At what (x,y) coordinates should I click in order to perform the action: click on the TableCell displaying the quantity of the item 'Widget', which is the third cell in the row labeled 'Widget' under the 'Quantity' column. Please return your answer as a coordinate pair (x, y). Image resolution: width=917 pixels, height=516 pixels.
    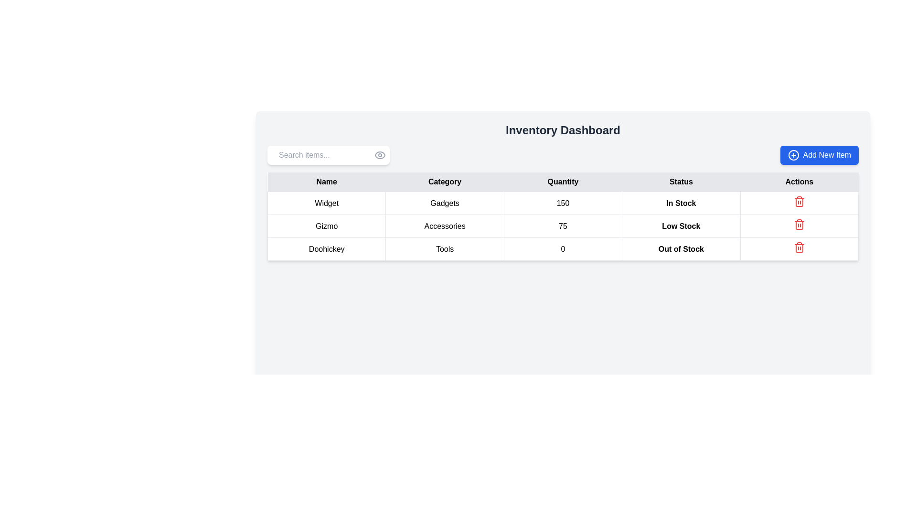
    Looking at the image, I should click on (563, 203).